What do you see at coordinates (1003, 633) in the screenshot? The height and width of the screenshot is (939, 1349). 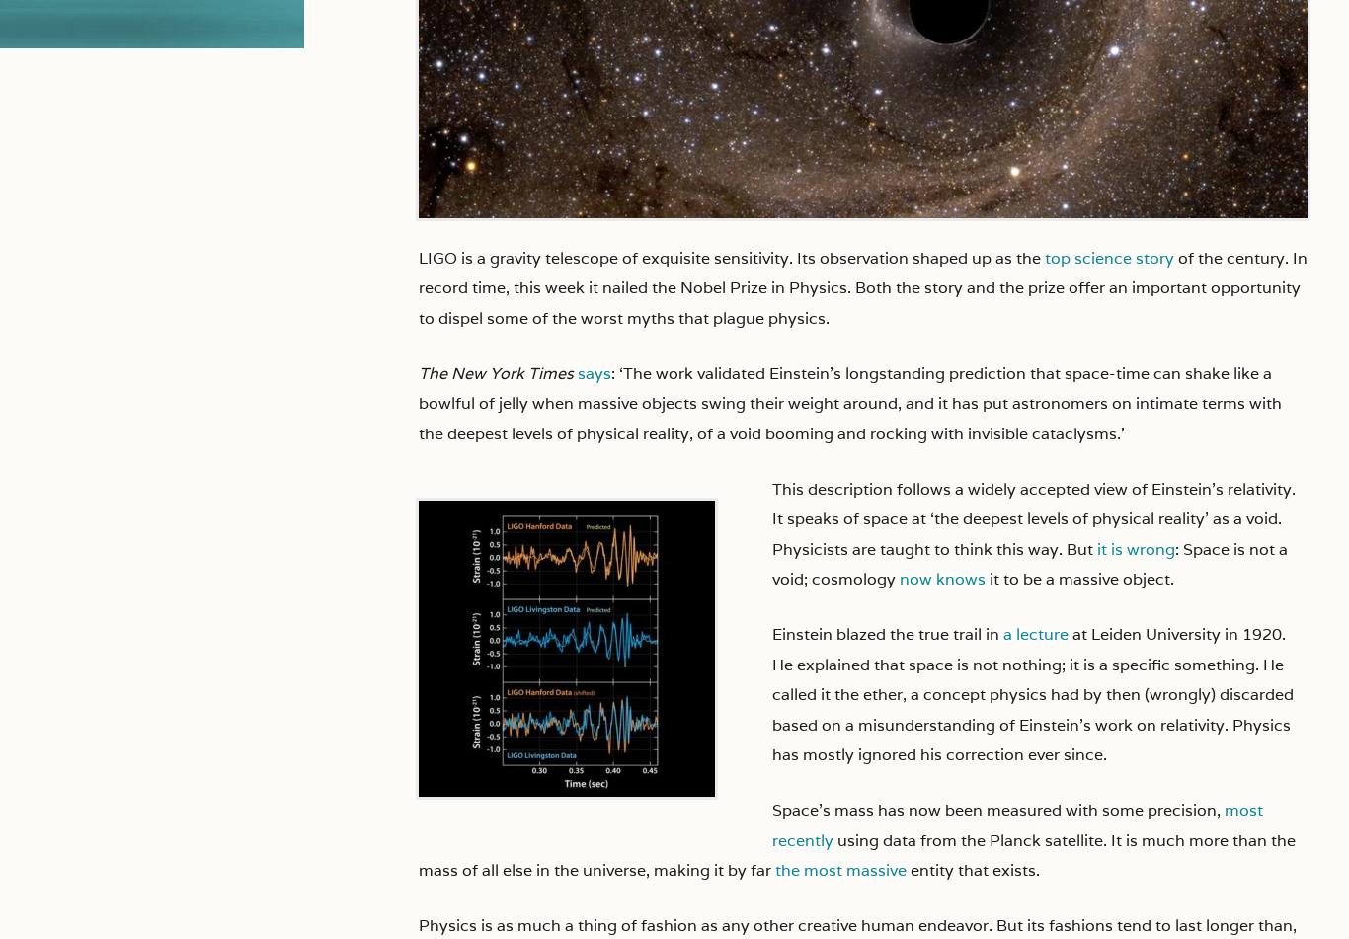 I see `'a lecture'` at bounding box center [1003, 633].